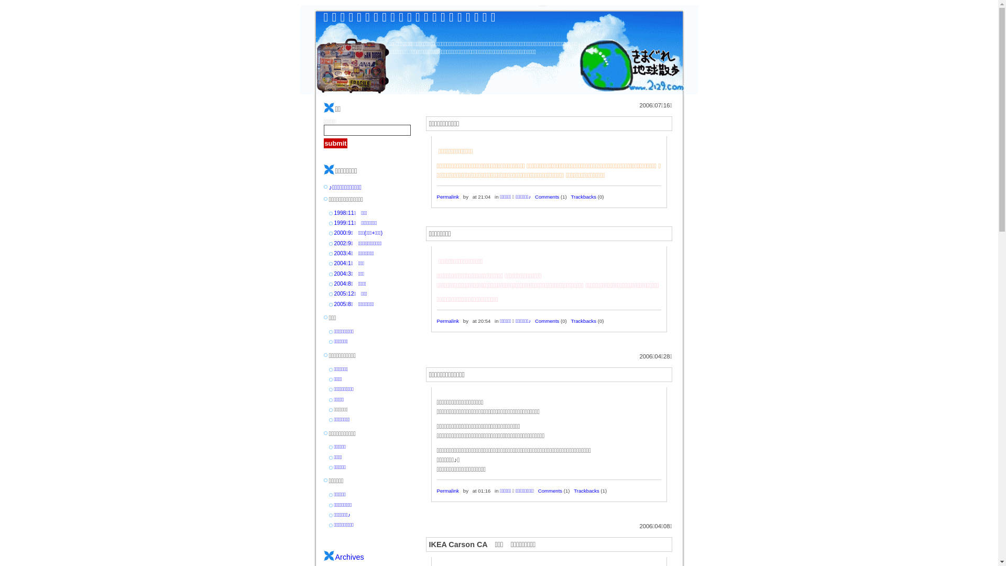 The height and width of the screenshot is (566, 1006). What do you see at coordinates (336, 143) in the screenshot?
I see `'submit'` at bounding box center [336, 143].